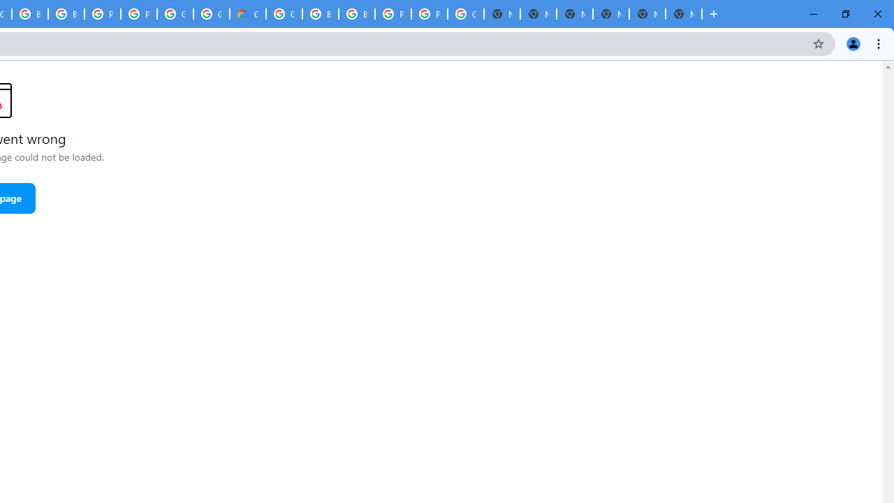 Image resolution: width=894 pixels, height=503 pixels. Describe the element at coordinates (684, 14) in the screenshot. I see `'New Tab'` at that location.